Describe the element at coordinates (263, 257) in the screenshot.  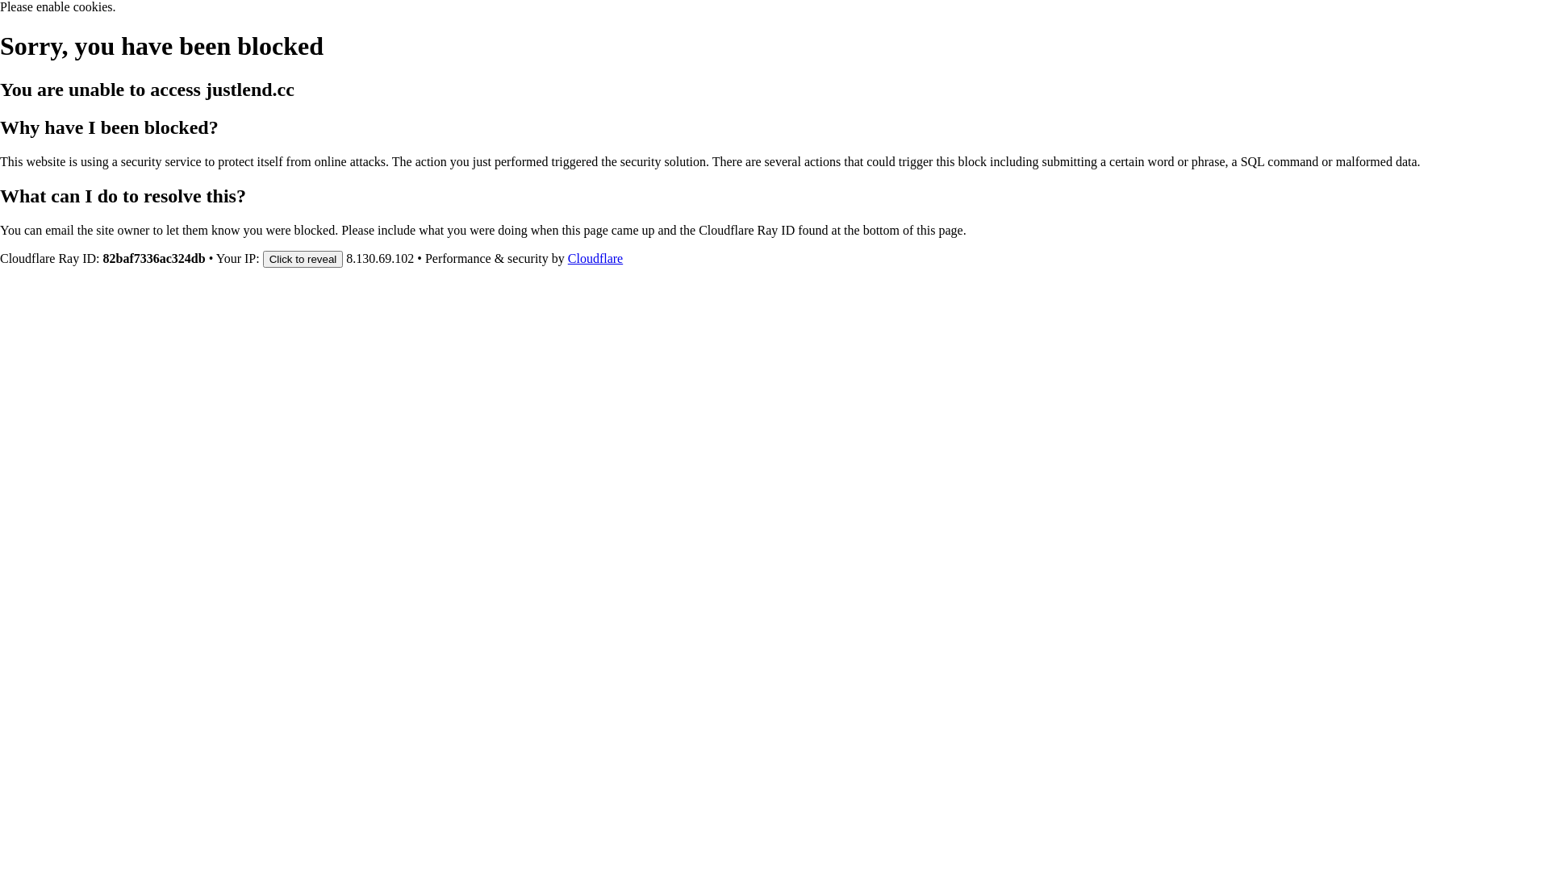
I see `'Click to reveal'` at that location.